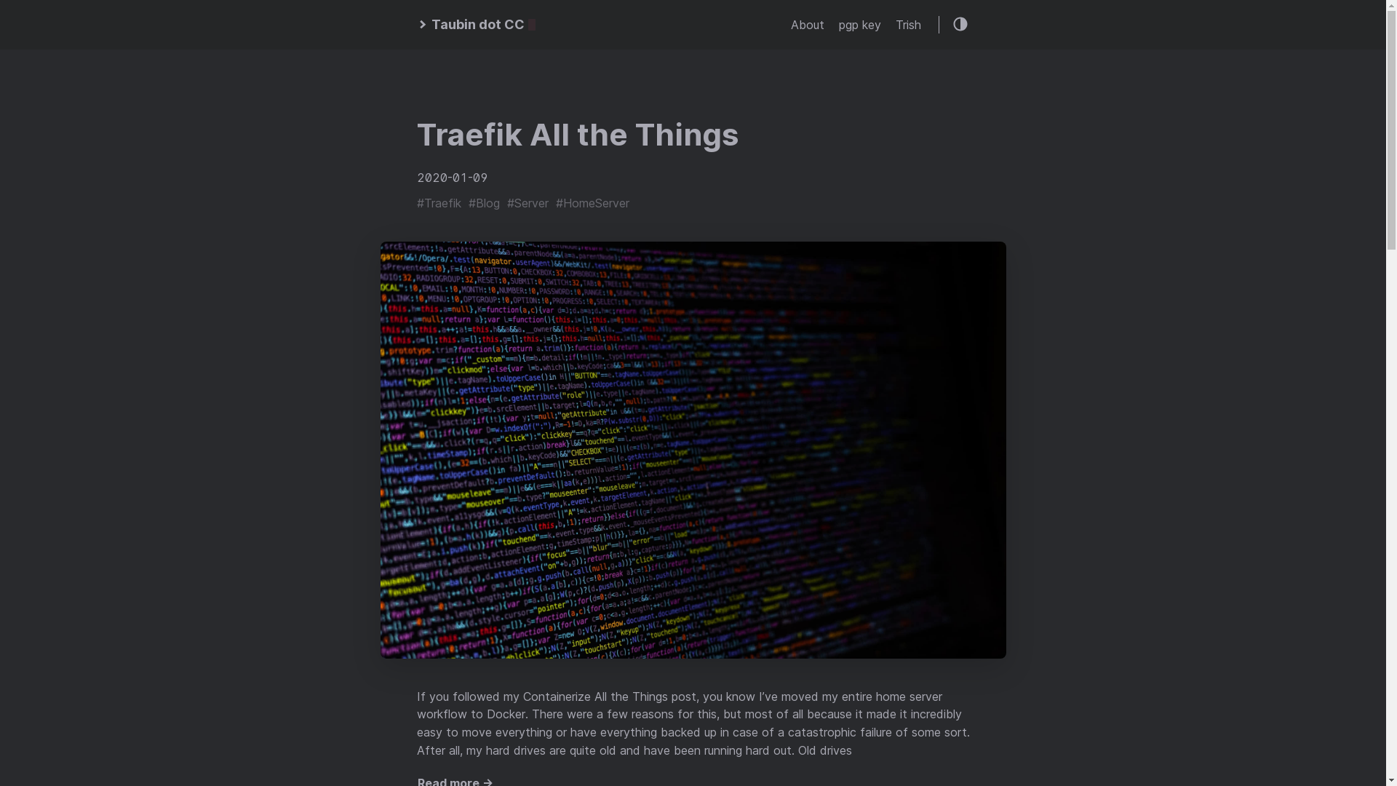 This screenshot has height=786, width=1397. Describe the element at coordinates (415, 25) in the screenshot. I see `'Taubin dot CC'` at that location.